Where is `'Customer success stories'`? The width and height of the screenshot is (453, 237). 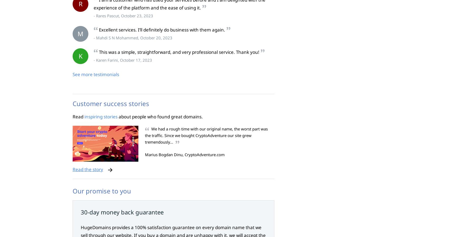 'Customer success stories' is located at coordinates (111, 103).